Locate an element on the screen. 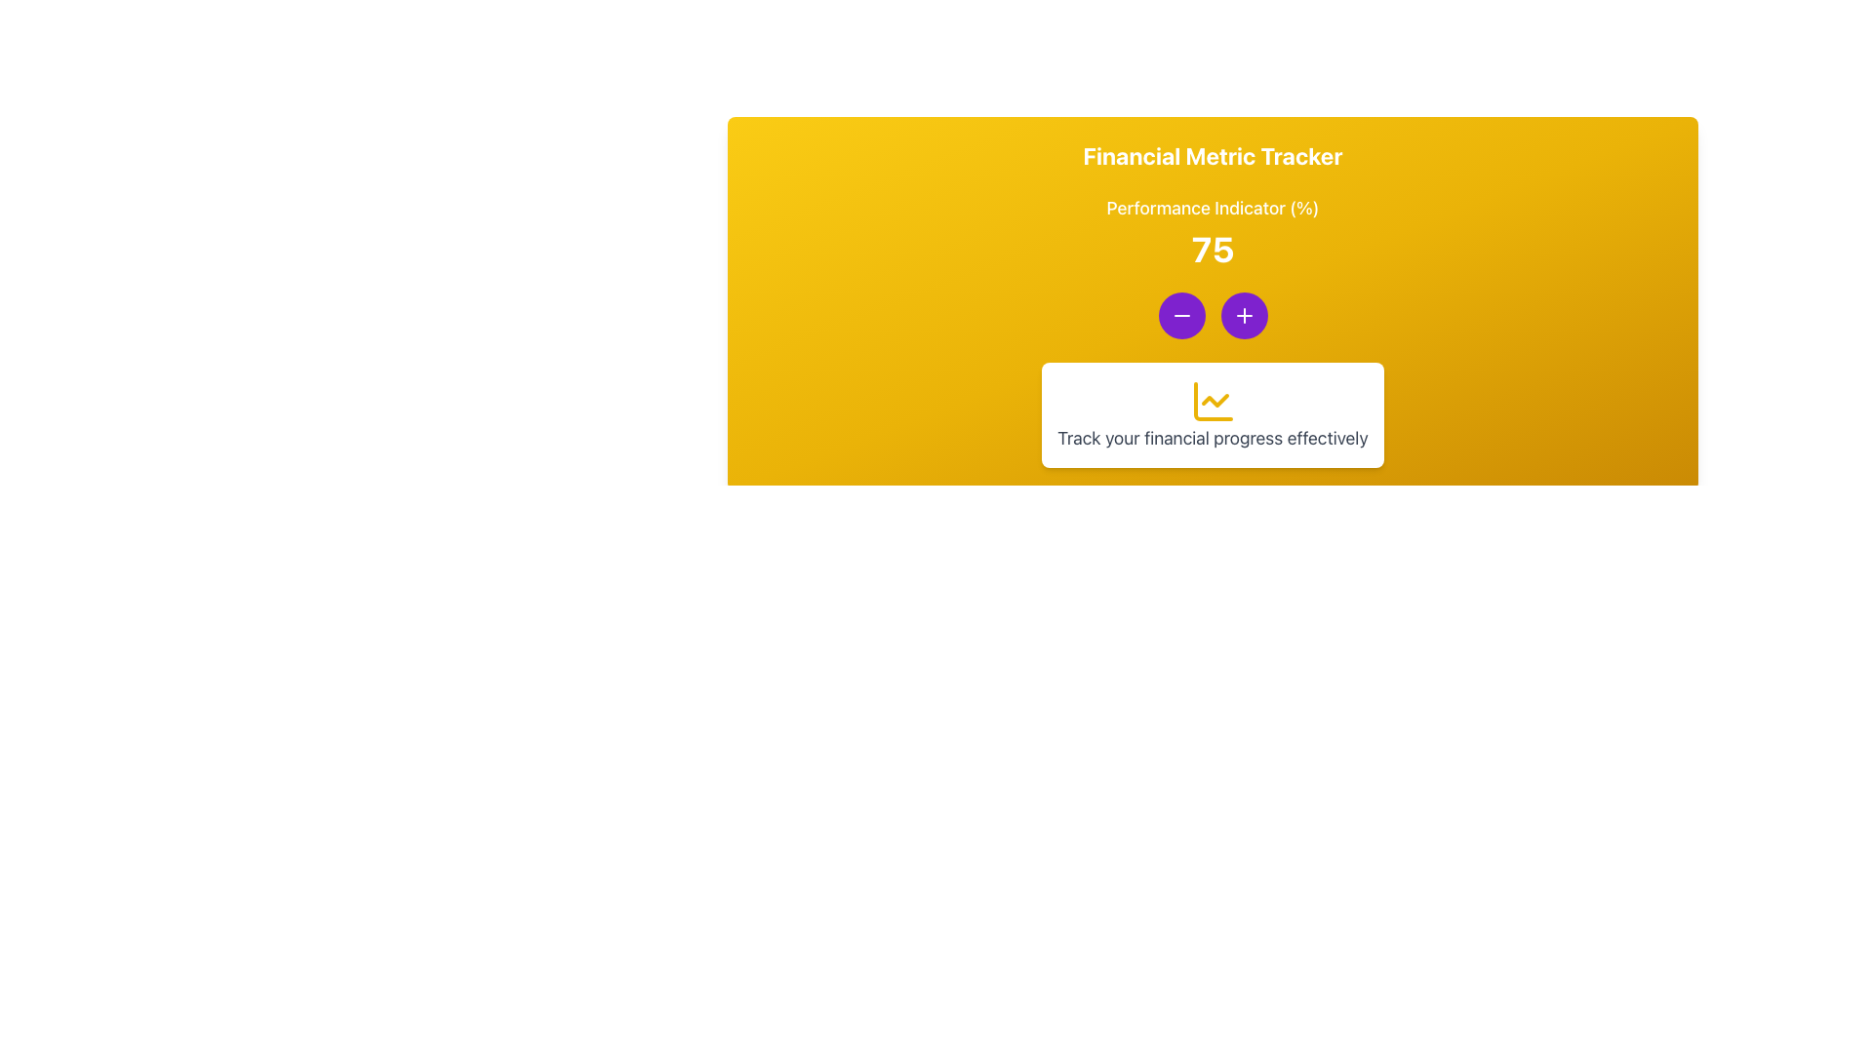  the decrement button located below the numerical indicator '75' to decrease the displayed value is located at coordinates (1180, 315).